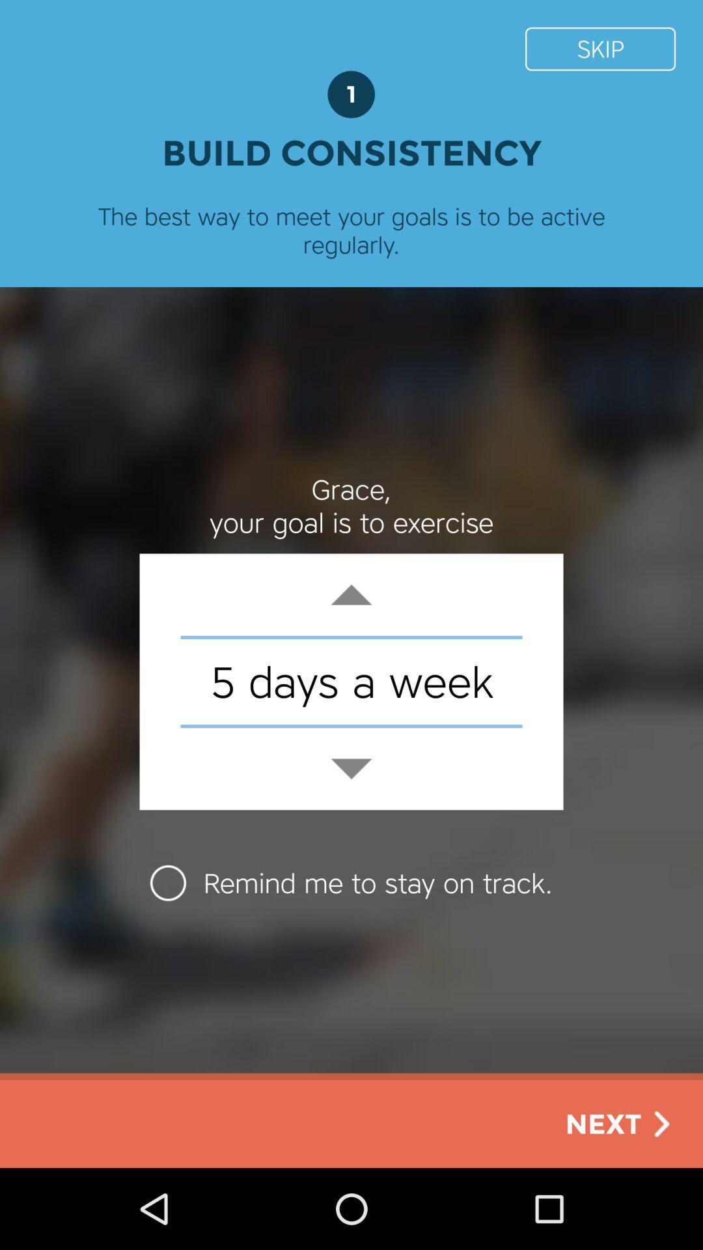  What do you see at coordinates (620, 1123) in the screenshot?
I see `next icon` at bounding box center [620, 1123].